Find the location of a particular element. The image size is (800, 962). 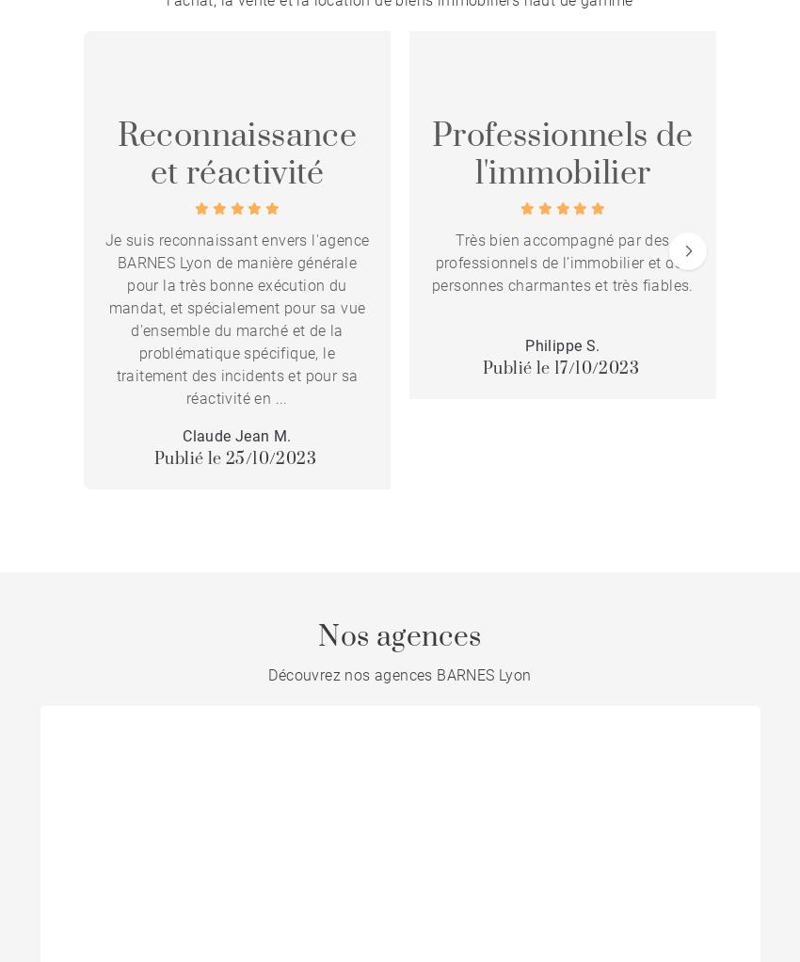

'Très bien accompagné par des professionnels de l’immobilier et des personnes charmantes et très fiables.' is located at coordinates (561, 263).